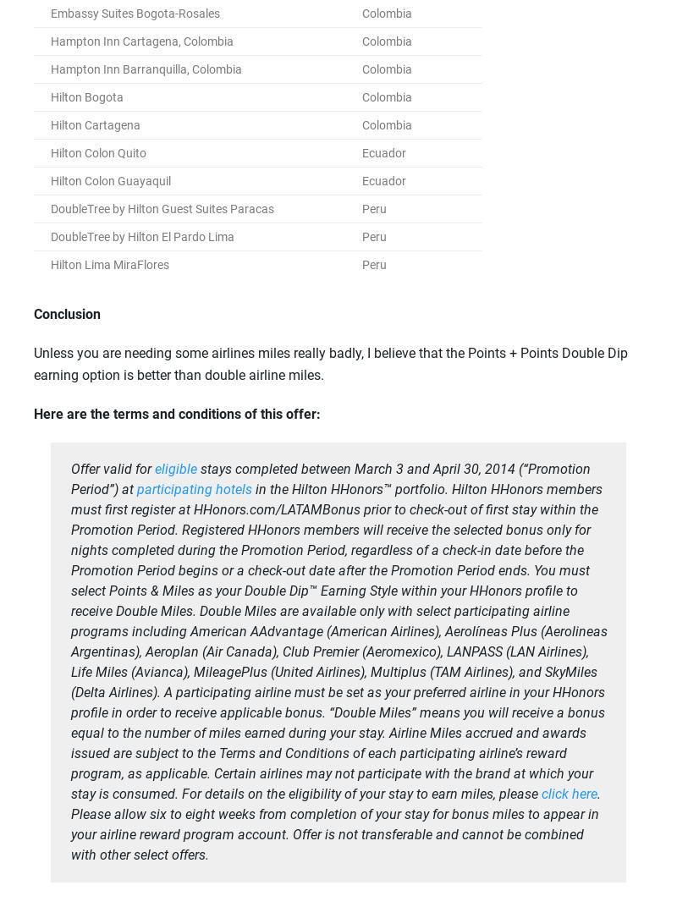  I want to click on 'in the Hilton HHonors™ portfolio. Hilton HHonors members must first register at HHonors.com/LATAMBonus prior to check-out of first stay within the Promotion Period. Registered HHonors members will receive the selected bonus only for nights completed during the Promotion Period, regardless of a check-in date before the Promotion Period begins or a check-out date after the Promotion Period ends. You must select Points & Miles as your Double Dip™ Earning Style within your HHonors profile to receive Double Miles. Double Miles are available only with select participating airline programs including American AAdvantage (American Airlines), Aerolíneas Plus (Aerolineas Argentinas), Aeroplan (Air Canada), Club Premier (Aeromexico), LANPASS (LAN Airlines), Life Miles (Avianca), MileagePlus (United Airlines), Multiplus (TAM Airlines), and SkyMiles (Delta Airlines). A participating airline must be set as your preferred airline in your HHonors profile in order to receive applicable bonus. “Double Miles” means you will receive a bonus equal to the number of miles earned during your stay. Airline Miles accrued and awards issued are subject to the Terms and Conditions of each participating airline’s reward program, as applicable. Certain airlines may not participate with the brand at which your stay is consumed. For details on the eligibility of your stay to earn miles, please', so click(338, 641).